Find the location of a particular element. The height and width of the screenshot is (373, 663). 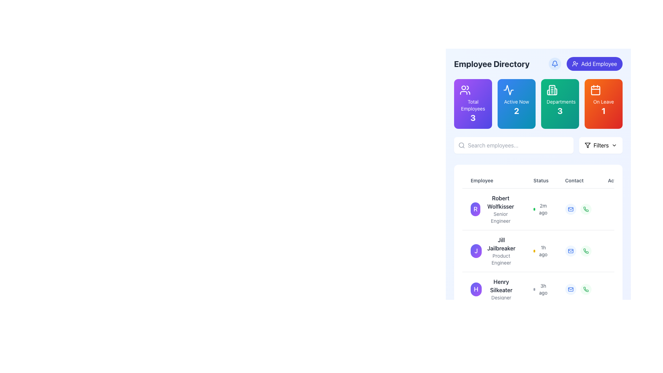

the search icon located at the far left of the search bar, which symbolizes the search functionality is located at coordinates (462, 145).